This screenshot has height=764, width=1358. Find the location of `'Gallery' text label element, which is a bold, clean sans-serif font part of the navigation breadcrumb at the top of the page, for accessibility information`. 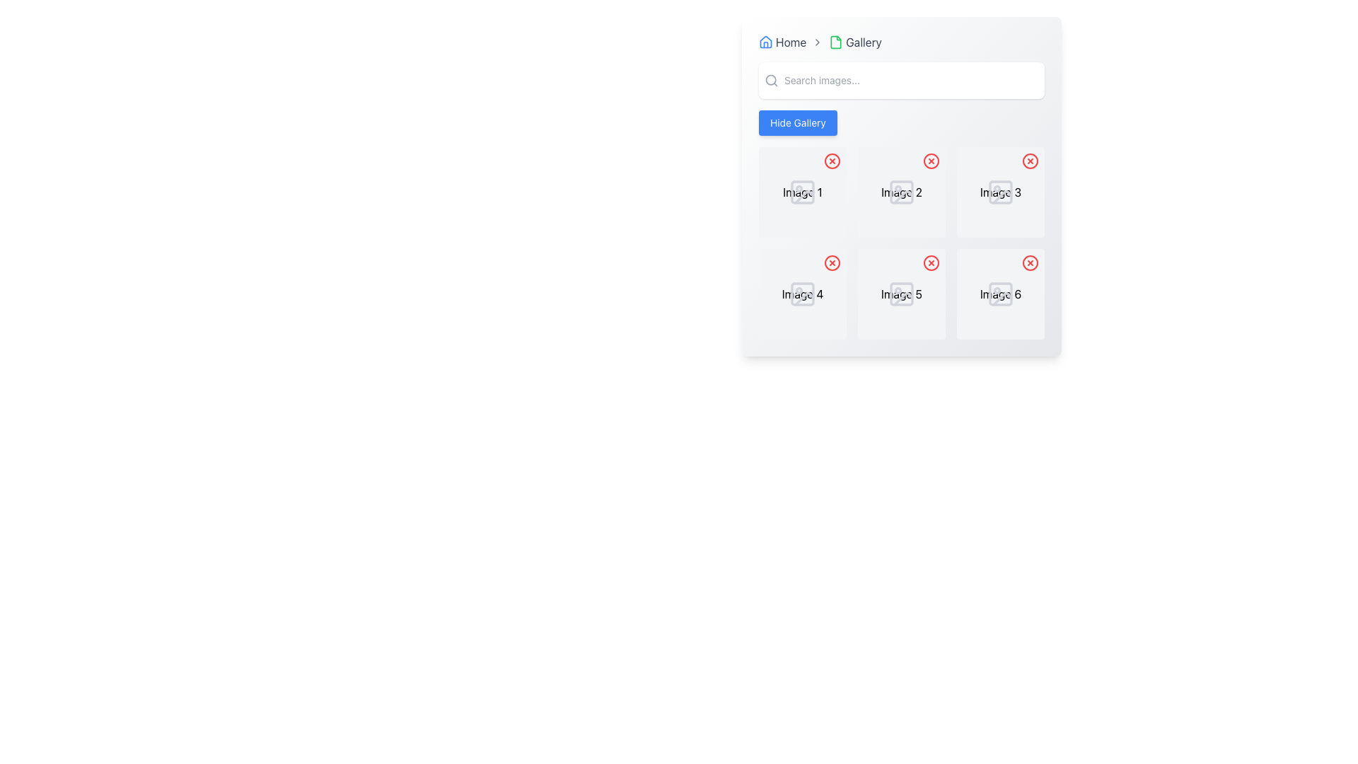

'Gallery' text label element, which is a bold, clean sans-serif font part of the navigation breadcrumb at the top of the page, for accessibility information is located at coordinates (863, 42).